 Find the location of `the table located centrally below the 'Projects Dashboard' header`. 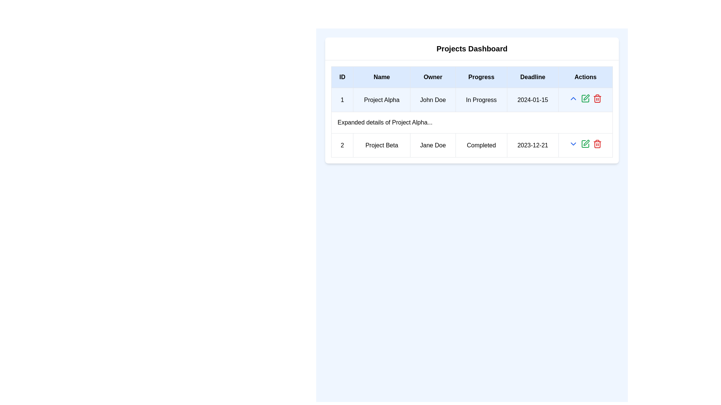

the table located centrally below the 'Projects Dashboard' header is located at coordinates (472, 100).